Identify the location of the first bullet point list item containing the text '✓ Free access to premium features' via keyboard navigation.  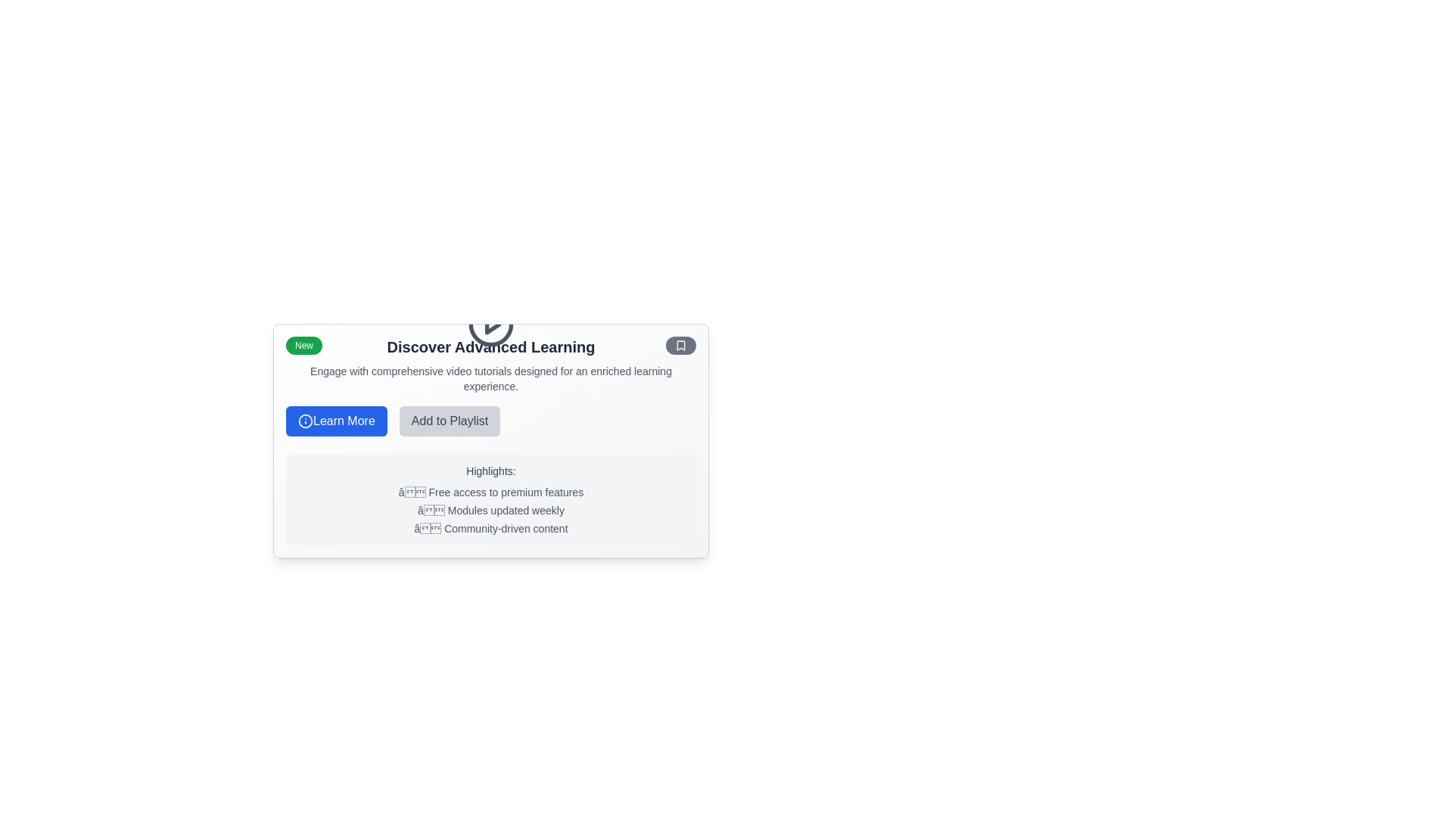
(490, 492).